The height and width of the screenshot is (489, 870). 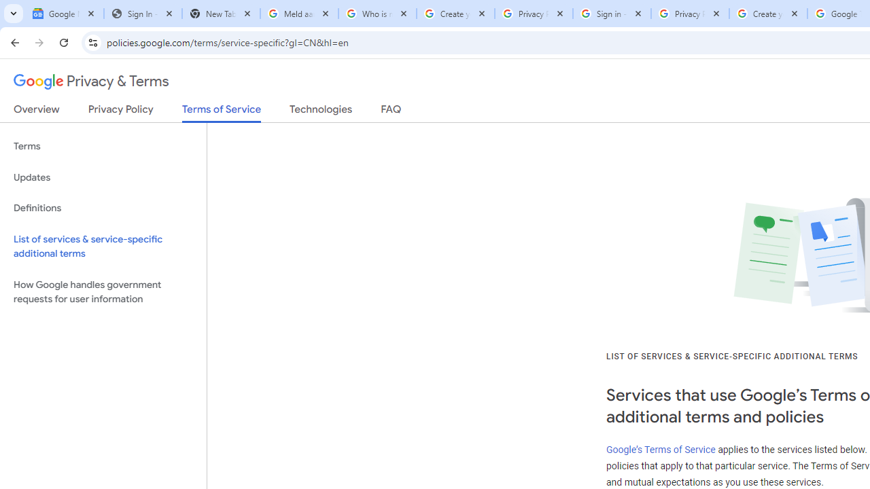 I want to click on 'Google News', so click(x=64, y=14).